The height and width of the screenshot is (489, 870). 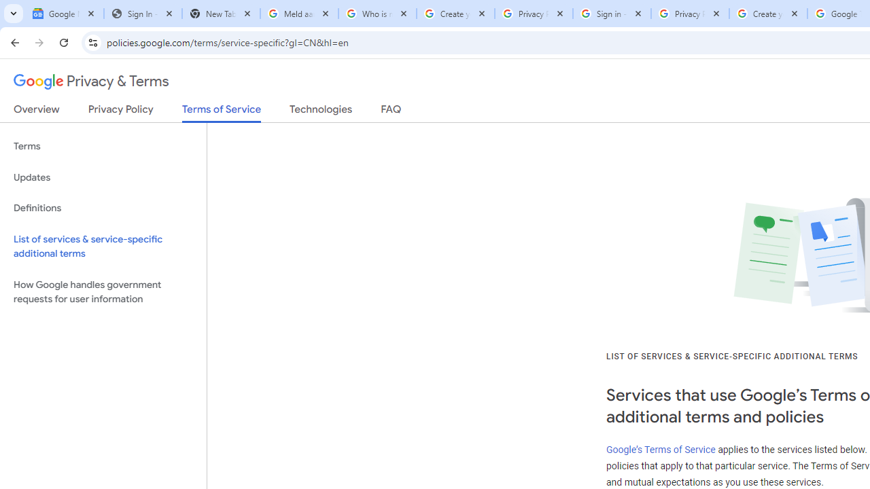 I want to click on 'Google News', so click(x=64, y=14).